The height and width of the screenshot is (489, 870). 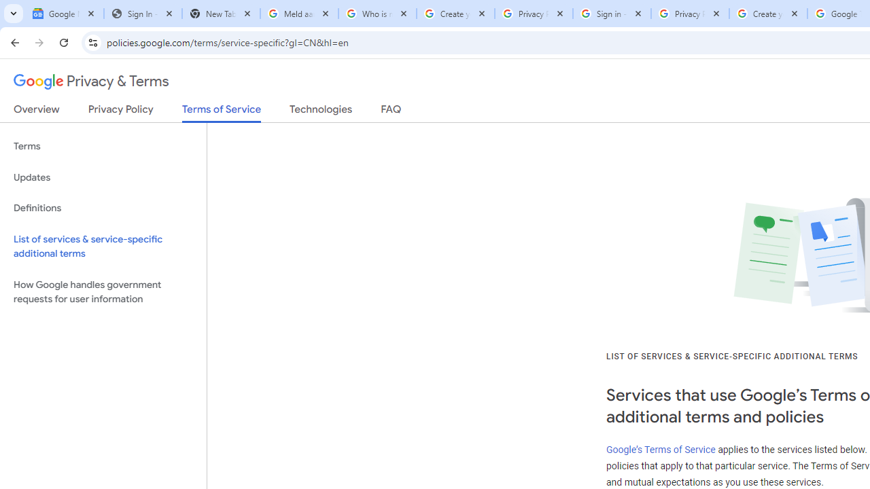 I want to click on 'Google News', so click(x=64, y=14).